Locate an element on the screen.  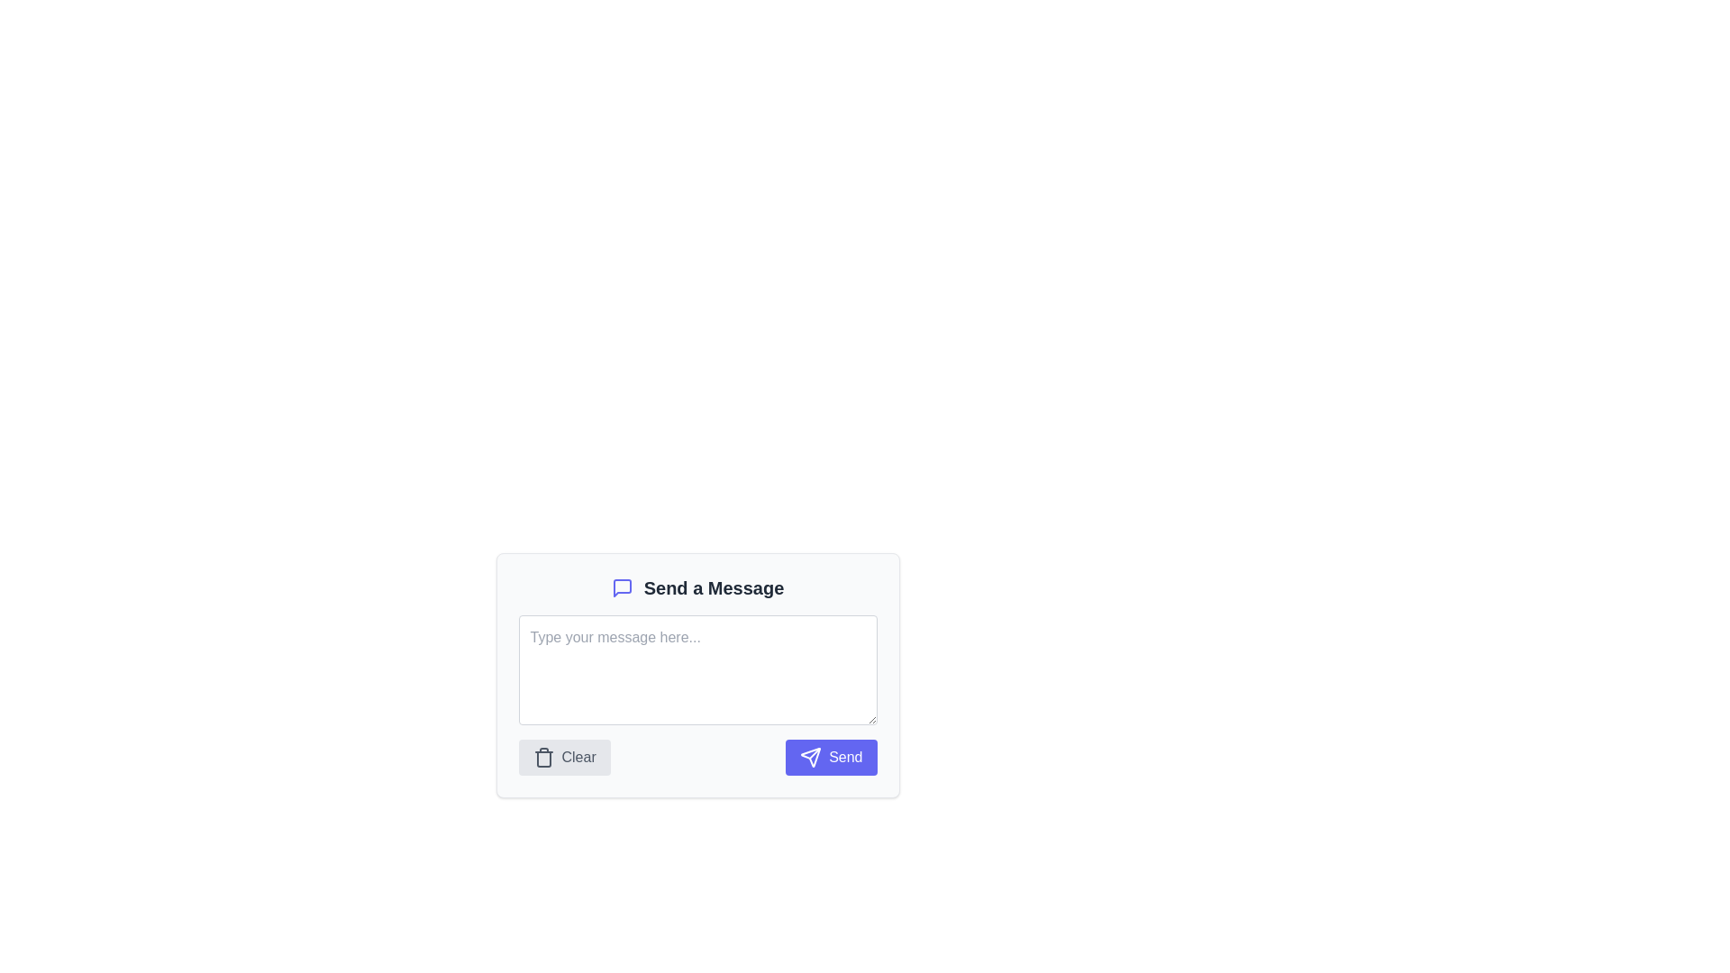
the stylized paper airplane icon within the 'Send' button located in the bottom-right corner of the chat input area is located at coordinates (810, 757).